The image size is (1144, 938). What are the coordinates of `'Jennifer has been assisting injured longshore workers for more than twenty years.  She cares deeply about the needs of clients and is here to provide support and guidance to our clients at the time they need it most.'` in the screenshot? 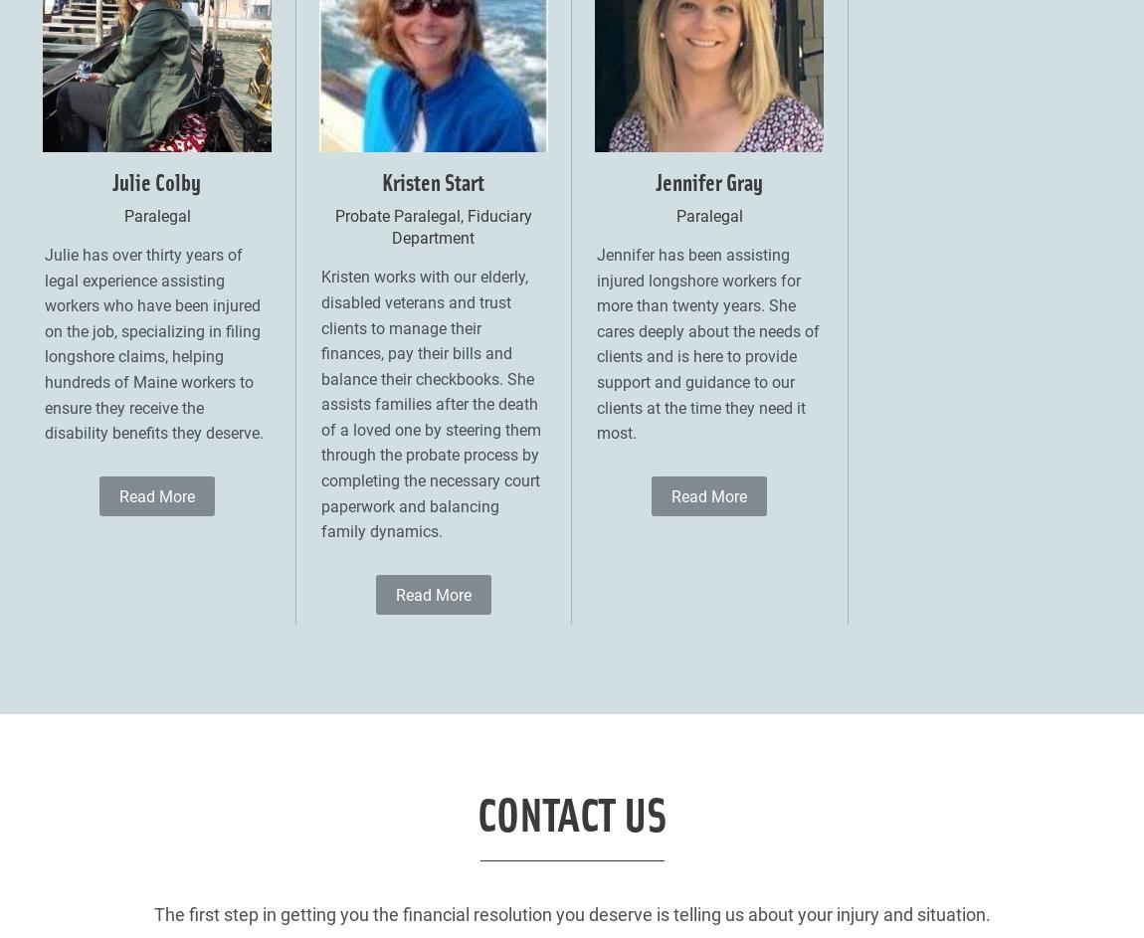 It's located at (595, 343).